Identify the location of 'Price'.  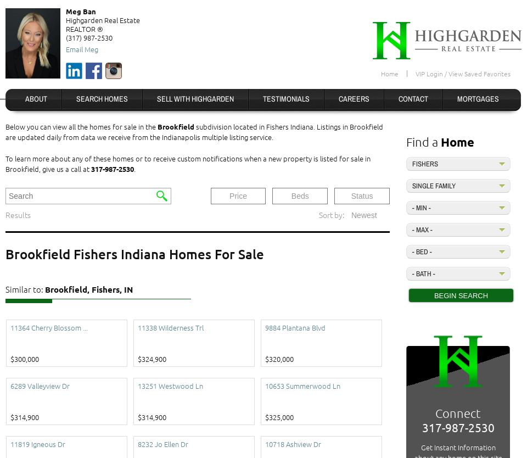
(238, 196).